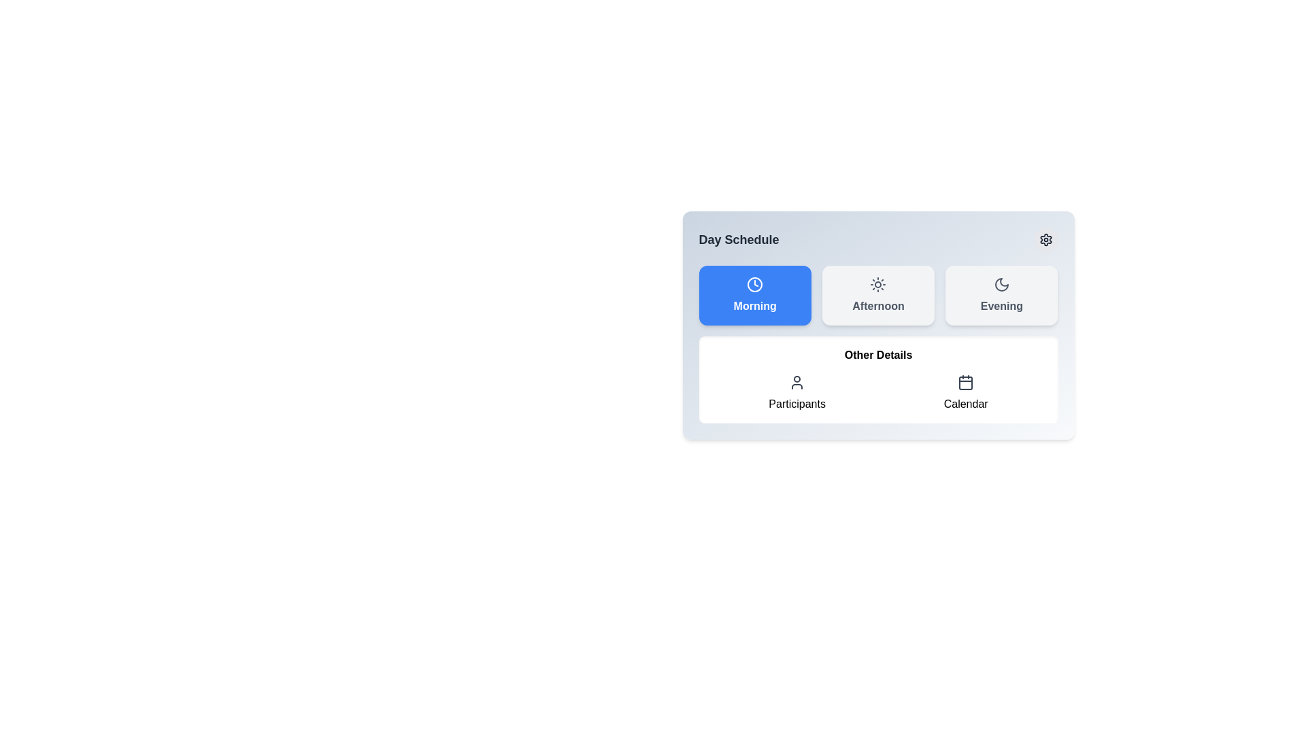 This screenshot has height=734, width=1306. I want to click on the 'Participants' UI element, which features a user icon above the text label, so click(797, 393).